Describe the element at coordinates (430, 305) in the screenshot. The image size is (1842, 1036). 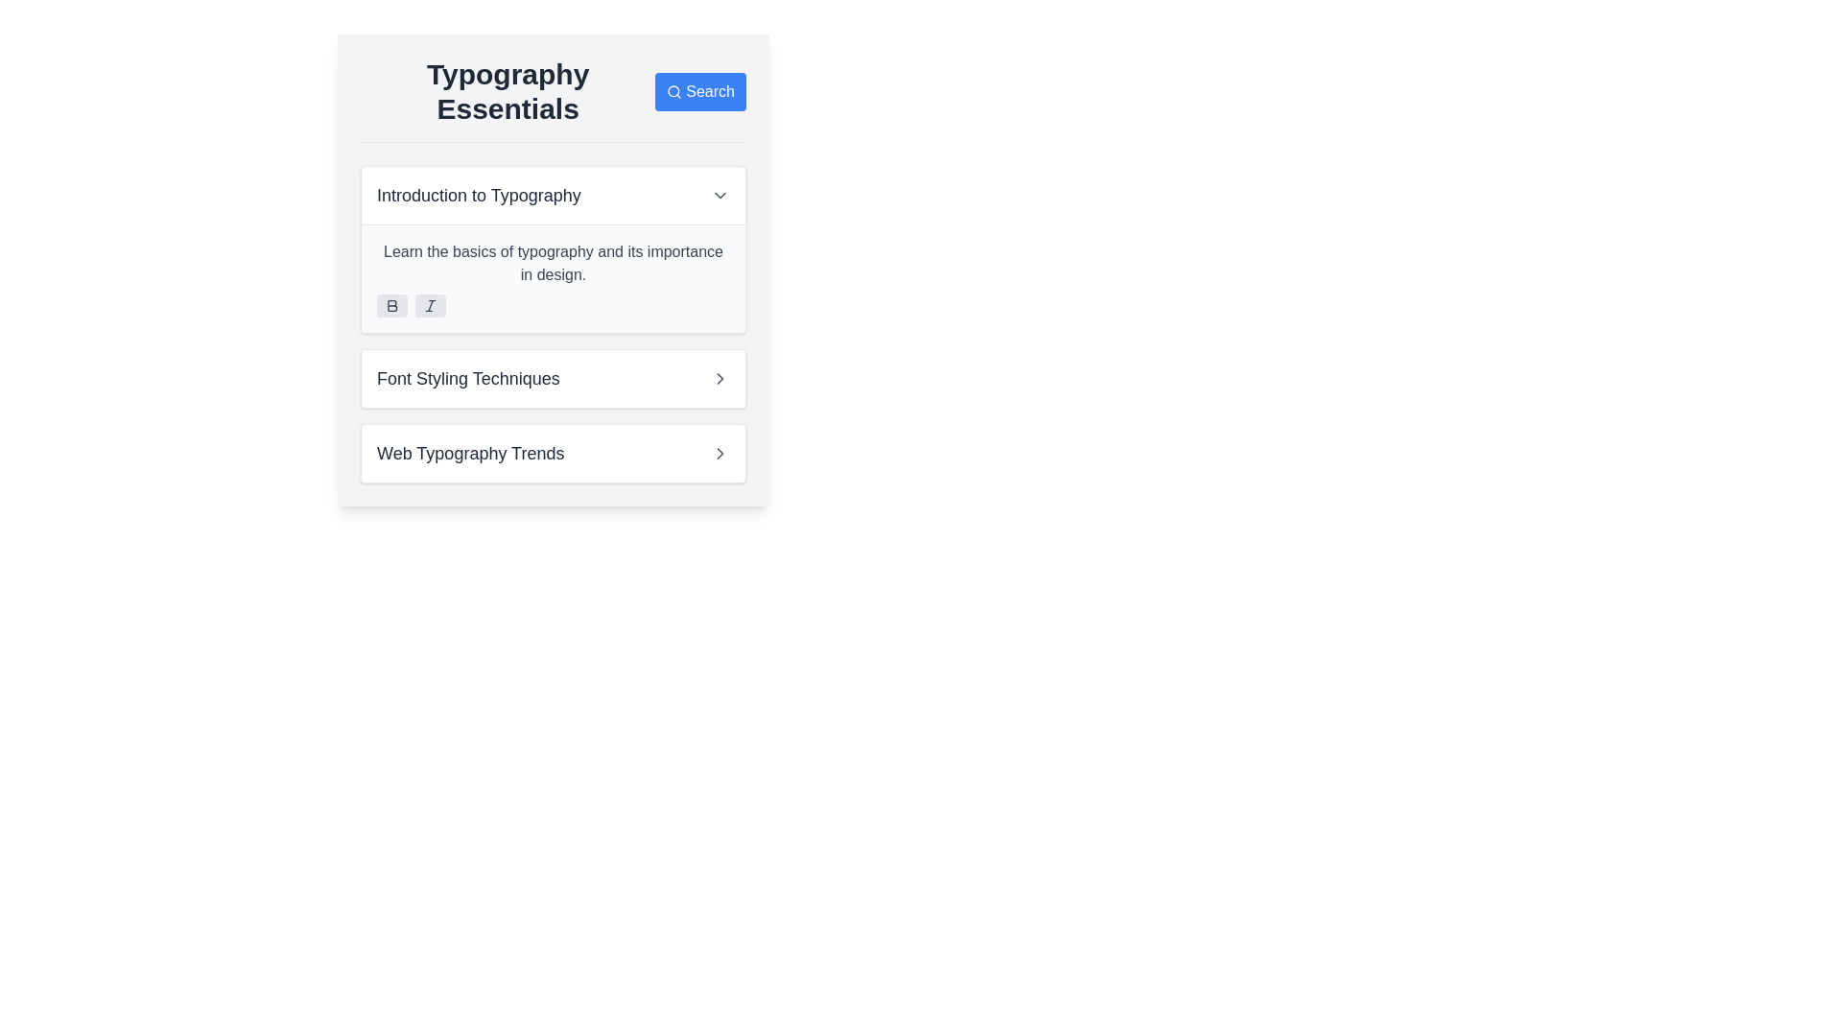
I see `the italicized 'I' icon button in the toolbar to apply or remove italic styling` at that location.